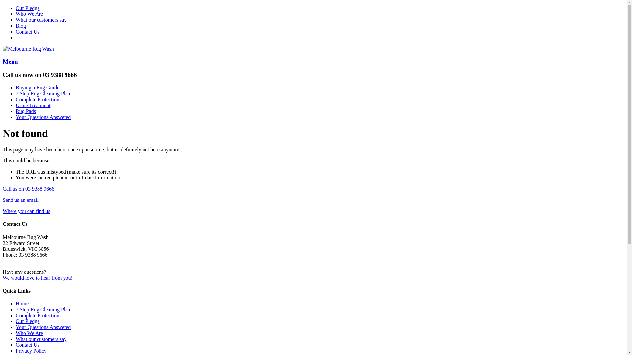 This screenshot has width=632, height=355. I want to click on 'Urine Treatment', so click(33, 105).